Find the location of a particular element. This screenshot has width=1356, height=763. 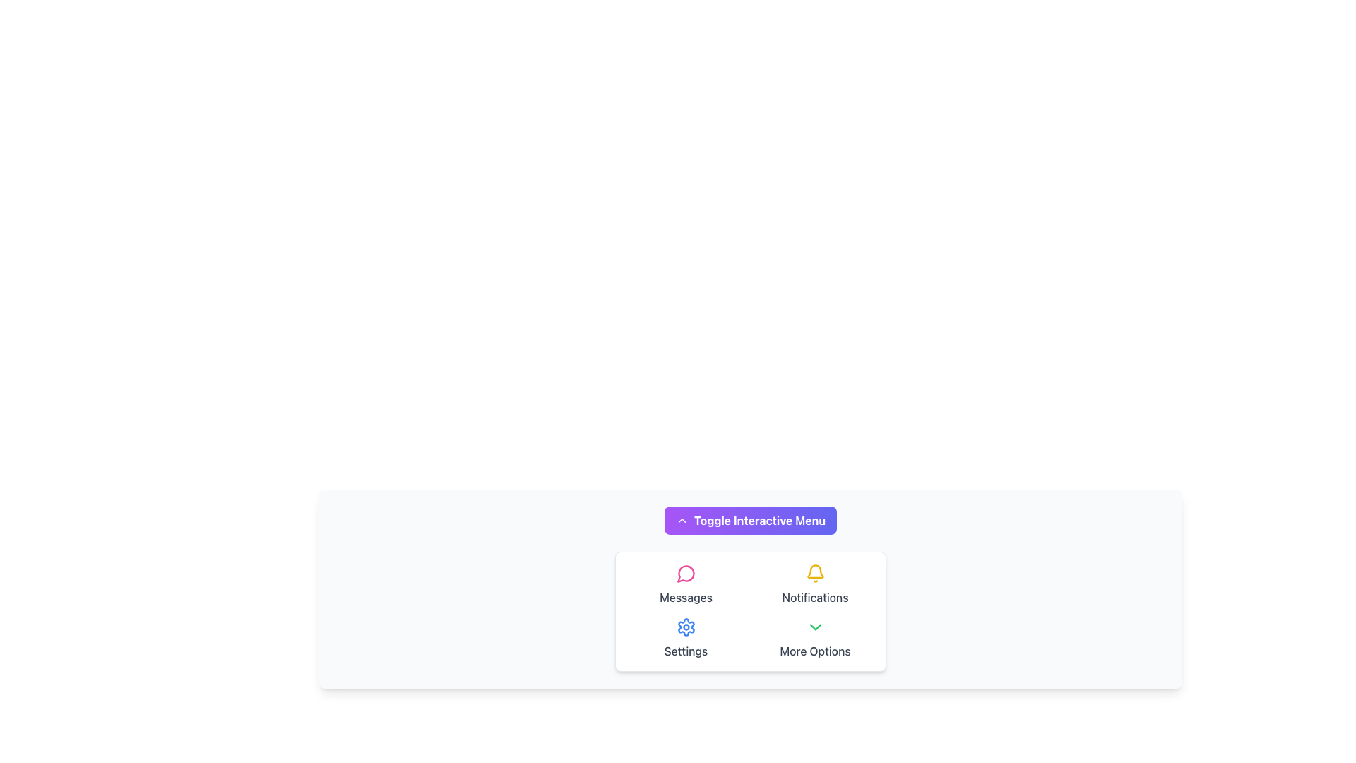

the main body of the yellow bell icon, which is part of a notification area within a card-like UI component is located at coordinates (815, 571).